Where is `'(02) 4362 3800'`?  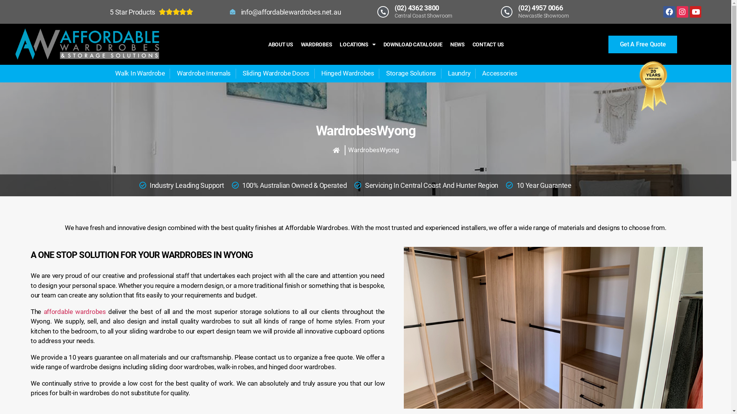
'(02) 4362 3800' is located at coordinates (416, 8).